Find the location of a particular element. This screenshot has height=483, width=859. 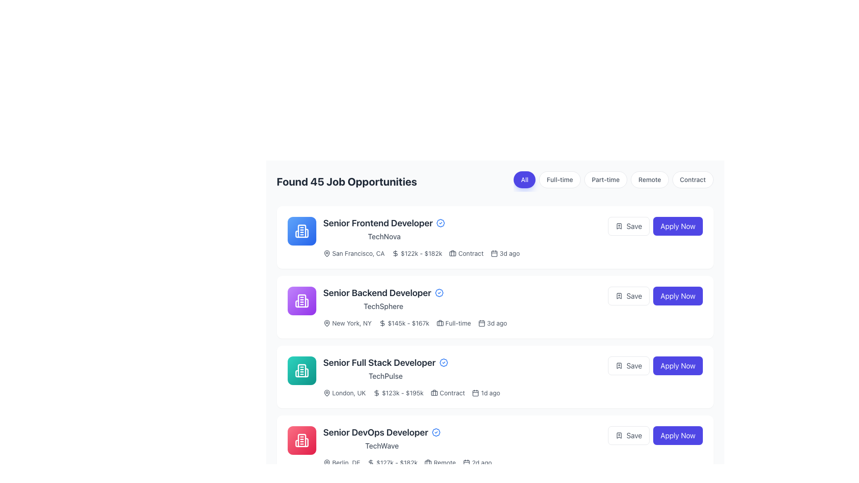

the label displaying 'San Francisco, CA' with a map pin icon, located under the job title 'Senior Frontend Developer' at 'TechNova' is located at coordinates (353, 254).